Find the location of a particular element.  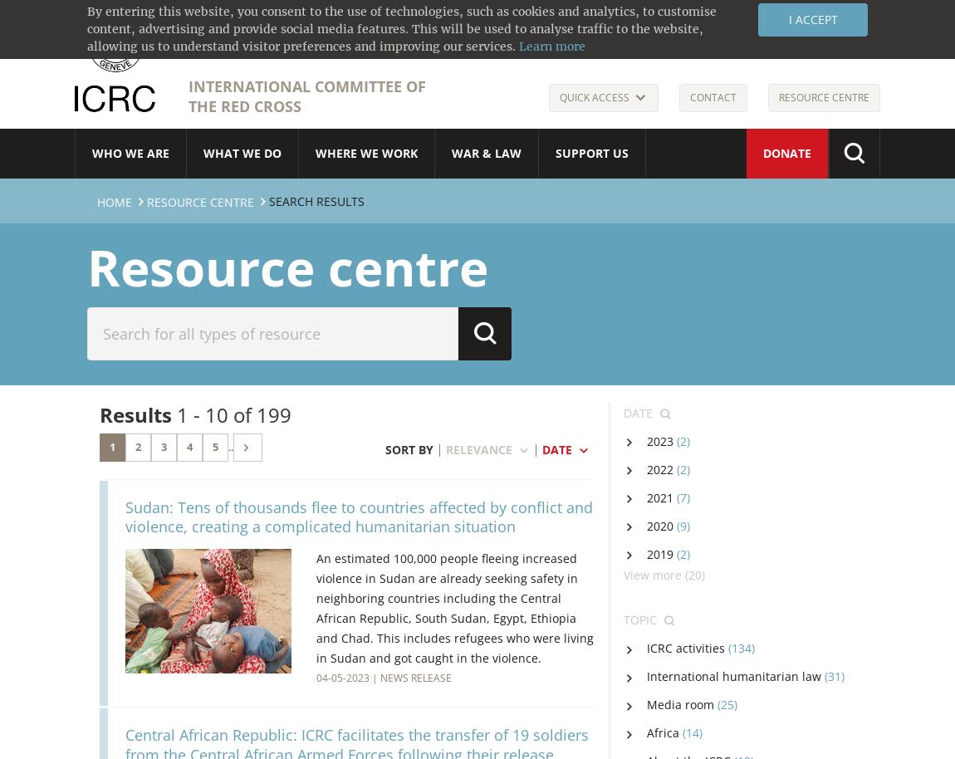

'Learn more' is located at coordinates (518, 46).